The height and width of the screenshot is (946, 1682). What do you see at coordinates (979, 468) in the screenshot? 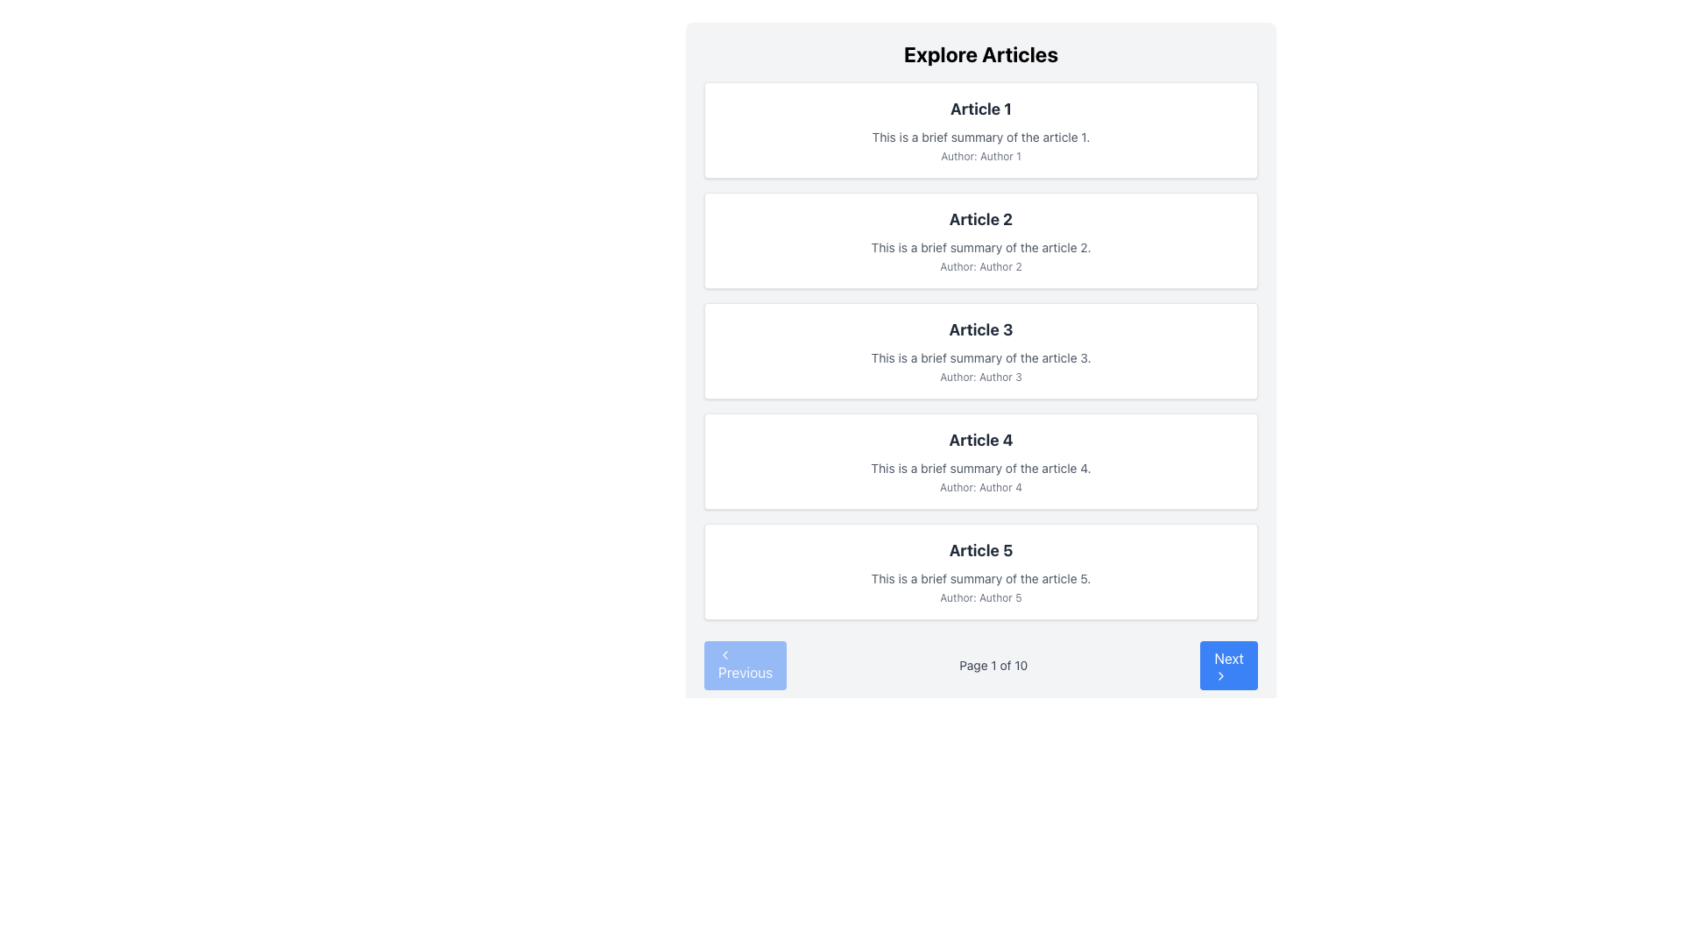
I see `static text label that provides a description for 'Article 4', which is located under the title 'Article 4' and above 'Author: Author 4' in the fourth card of the vertical list` at bounding box center [979, 468].